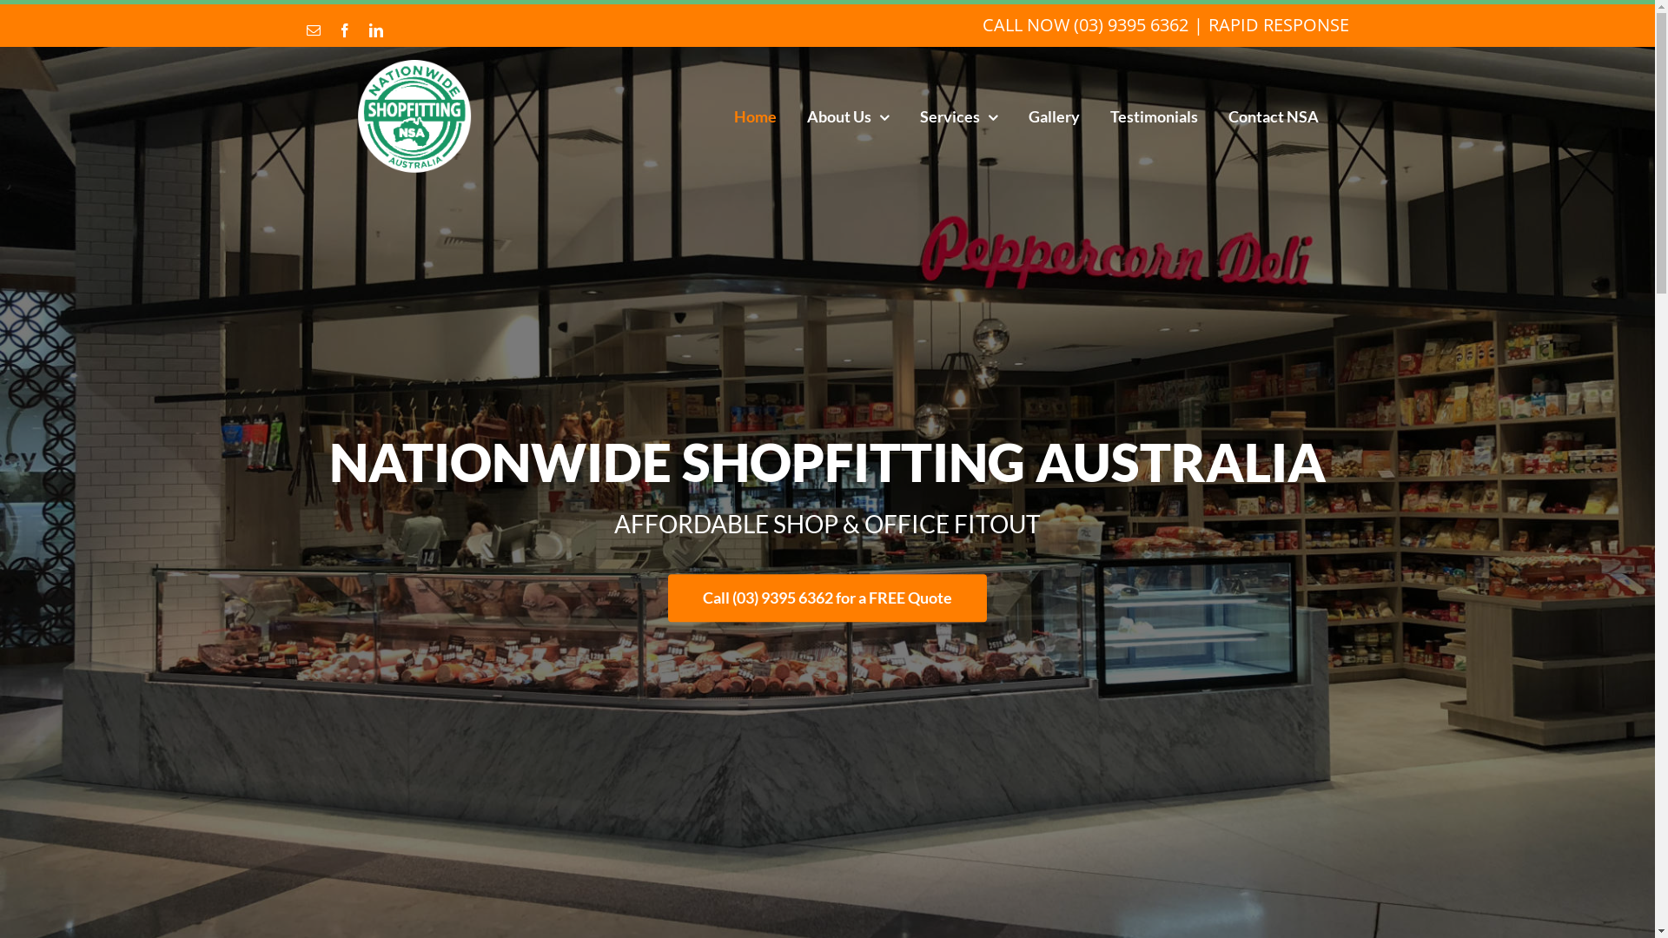 The image size is (1668, 938). What do you see at coordinates (1277, 24) in the screenshot?
I see `'RAPID RESPONSE'` at bounding box center [1277, 24].